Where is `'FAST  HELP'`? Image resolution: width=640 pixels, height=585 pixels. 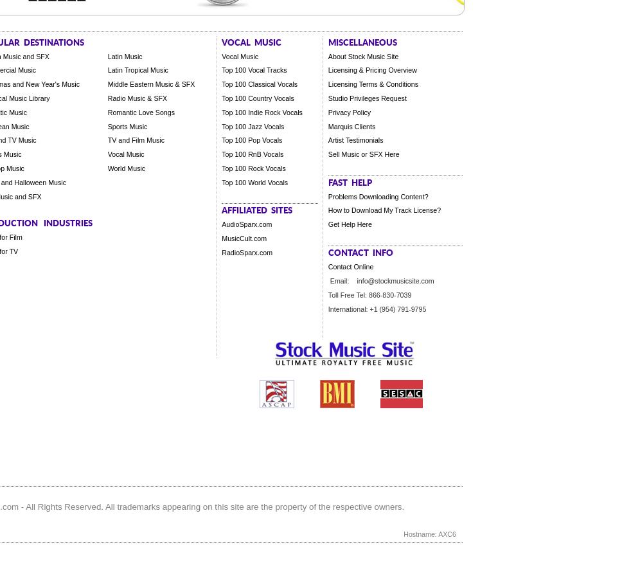
'FAST  HELP' is located at coordinates (327, 181).